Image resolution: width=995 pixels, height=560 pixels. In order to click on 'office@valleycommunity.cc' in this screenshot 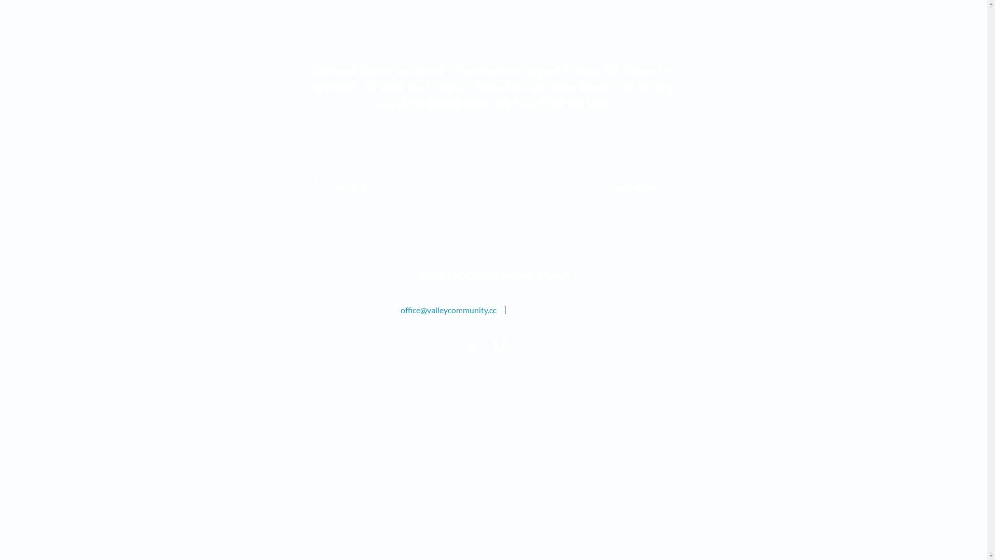, I will do `click(400, 309)`.